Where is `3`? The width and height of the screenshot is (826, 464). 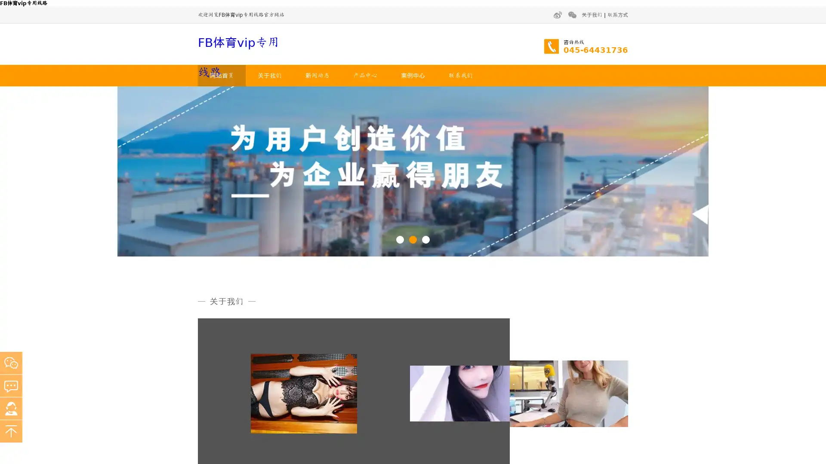
3 is located at coordinates (425, 239).